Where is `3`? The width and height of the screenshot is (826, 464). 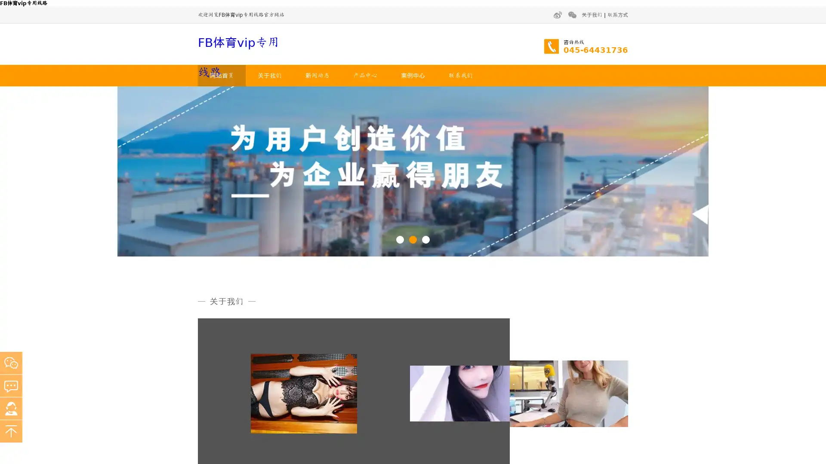
3 is located at coordinates (425, 239).